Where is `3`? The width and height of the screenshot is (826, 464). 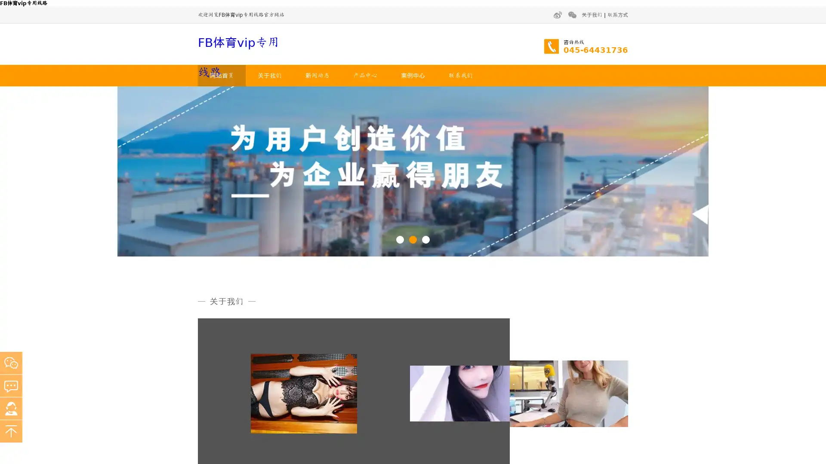
3 is located at coordinates (425, 239).